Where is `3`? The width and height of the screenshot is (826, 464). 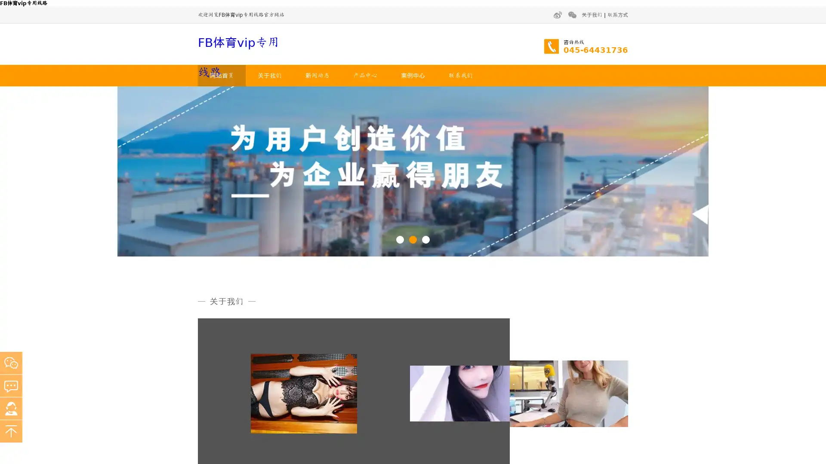
3 is located at coordinates (425, 239).